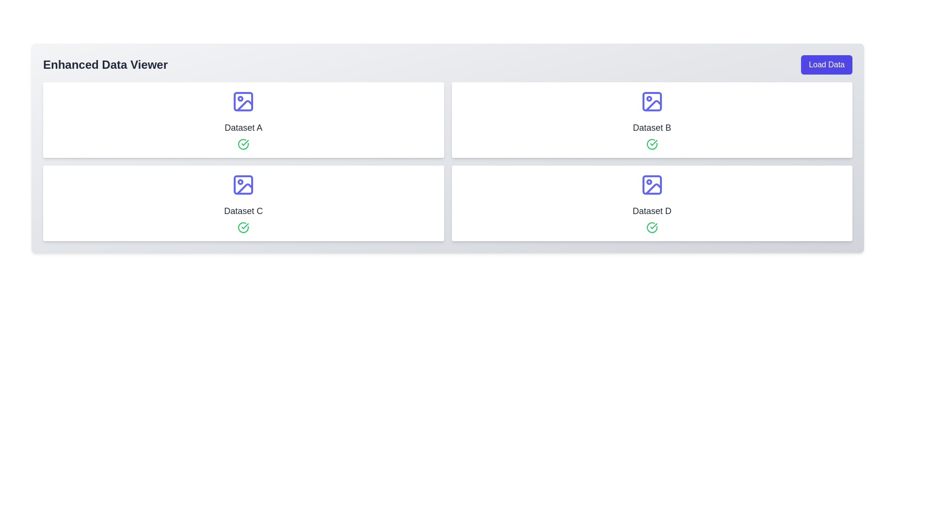 The image size is (931, 523). What do you see at coordinates (243, 210) in the screenshot?
I see `text label displaying 'Dataset C' located below the blue image icon in the lower-left card of the grid` at bounding box center [243, 210].